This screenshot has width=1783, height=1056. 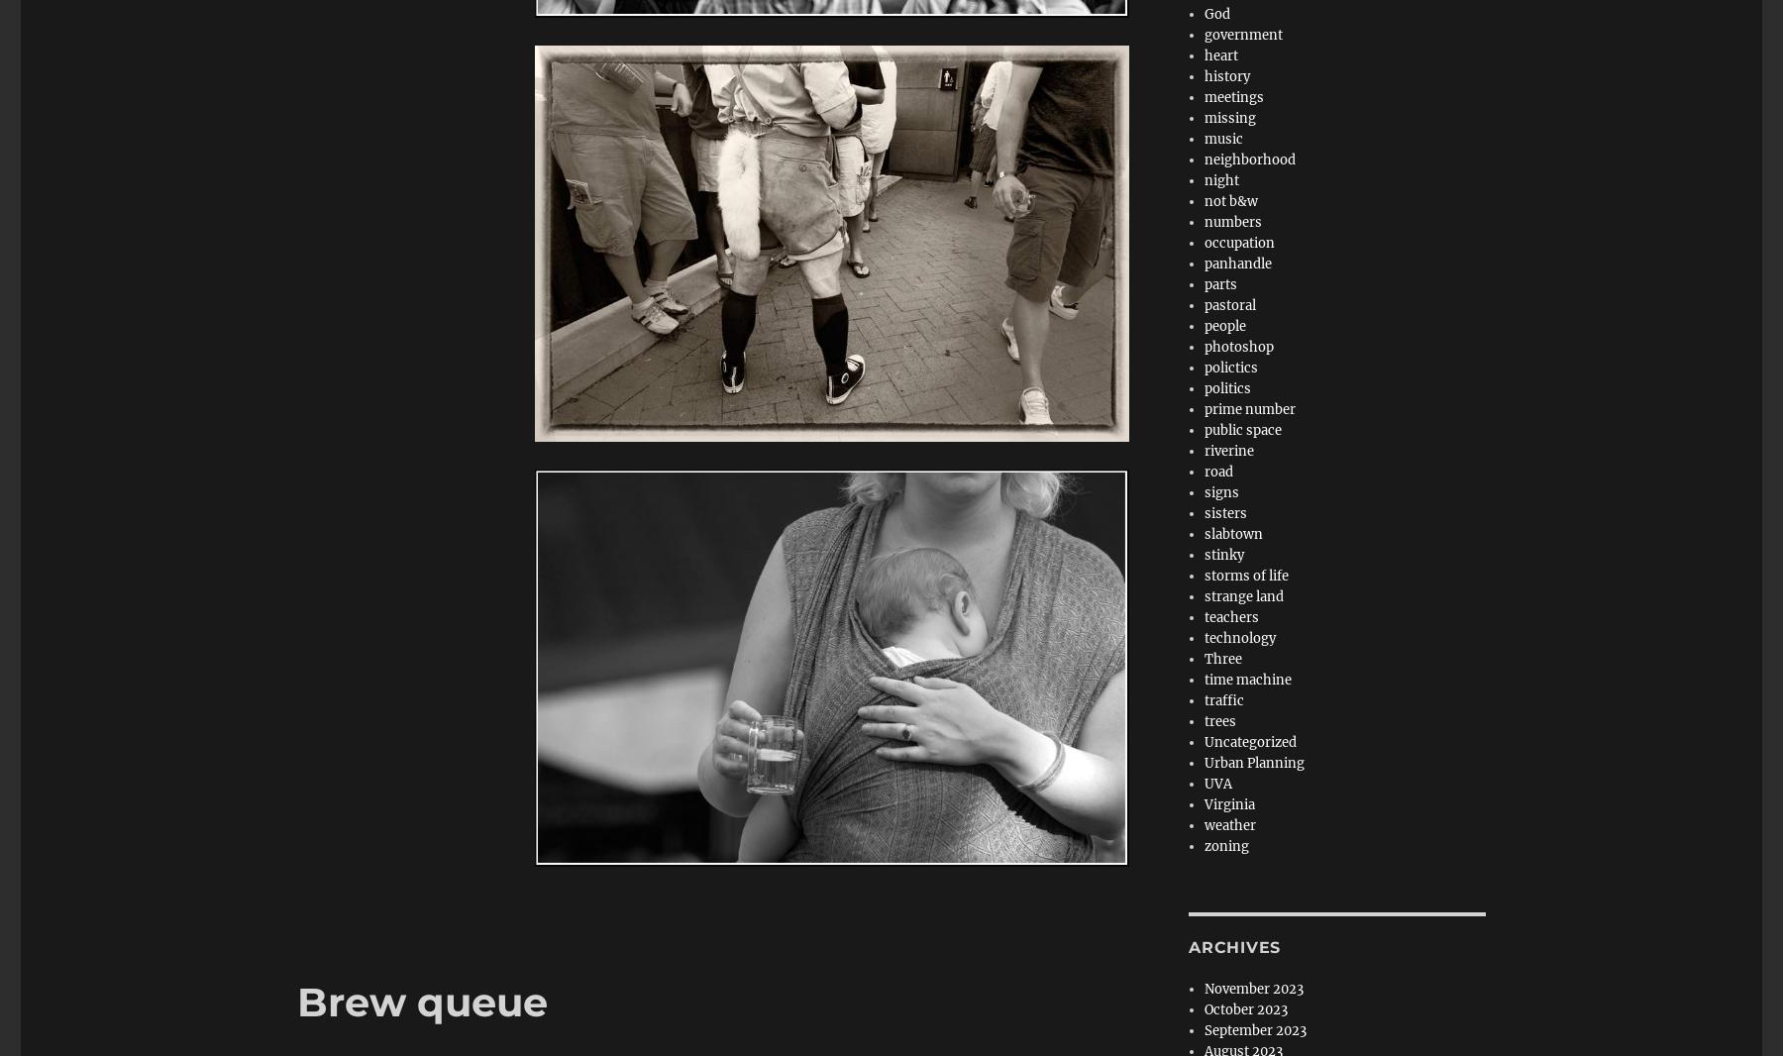 I want to click on 'storms of life', so click(x=1246, y=575).